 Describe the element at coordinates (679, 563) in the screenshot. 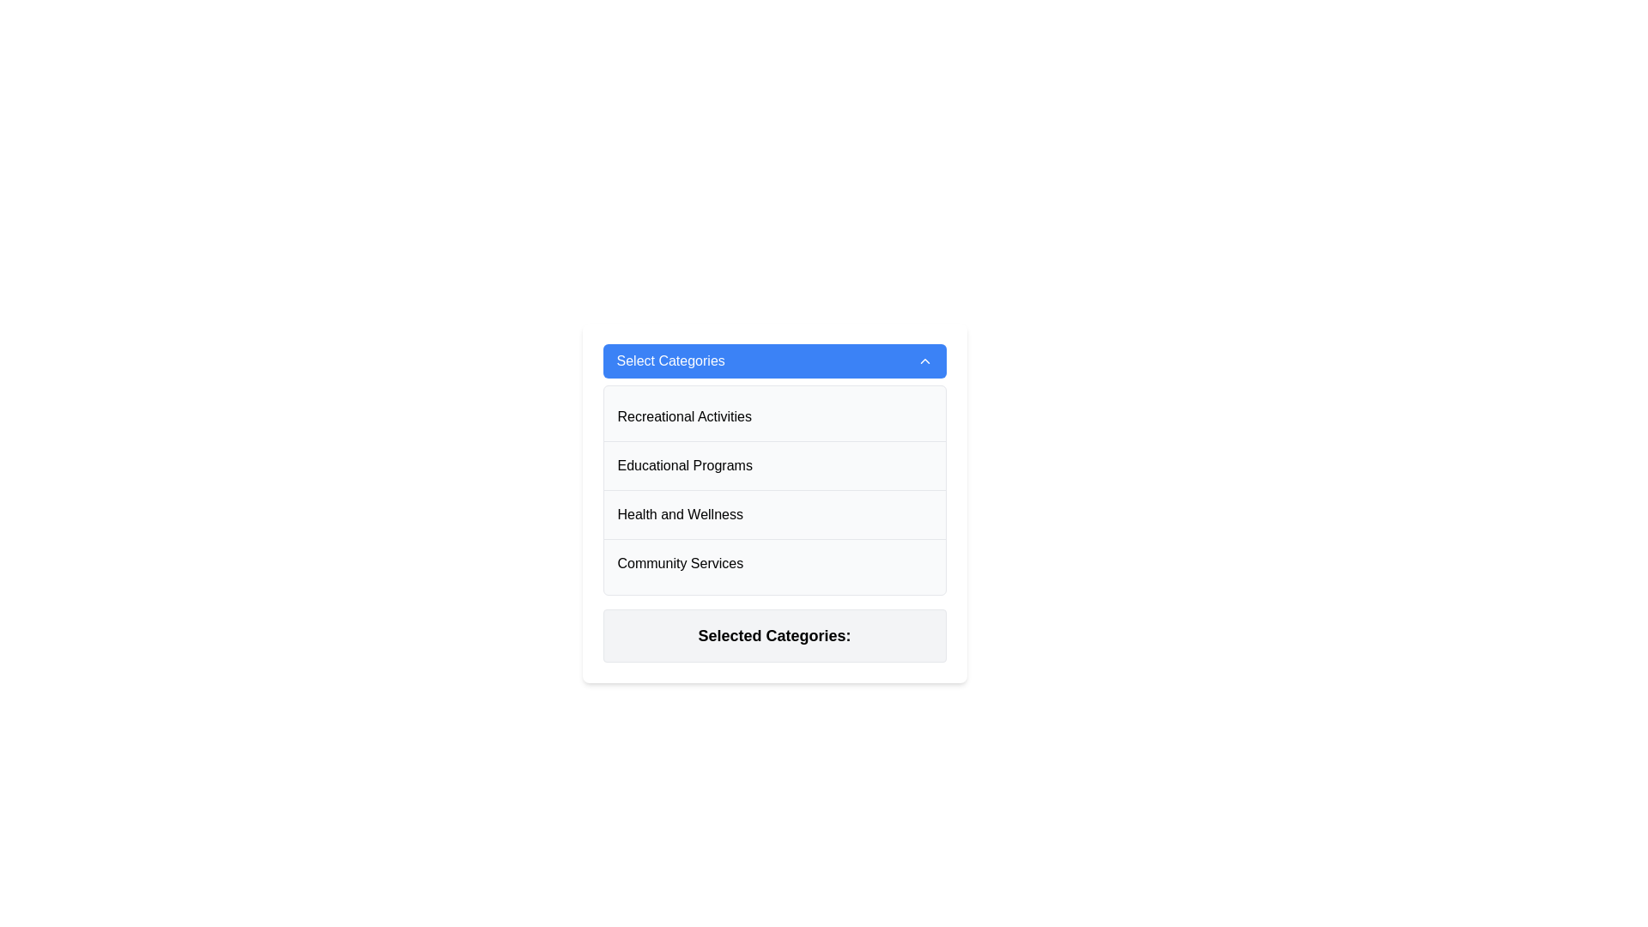

I see `the 'Community Services' text label, which is the fourth item in the vertical list under the header 'Select Categories'` at that location.